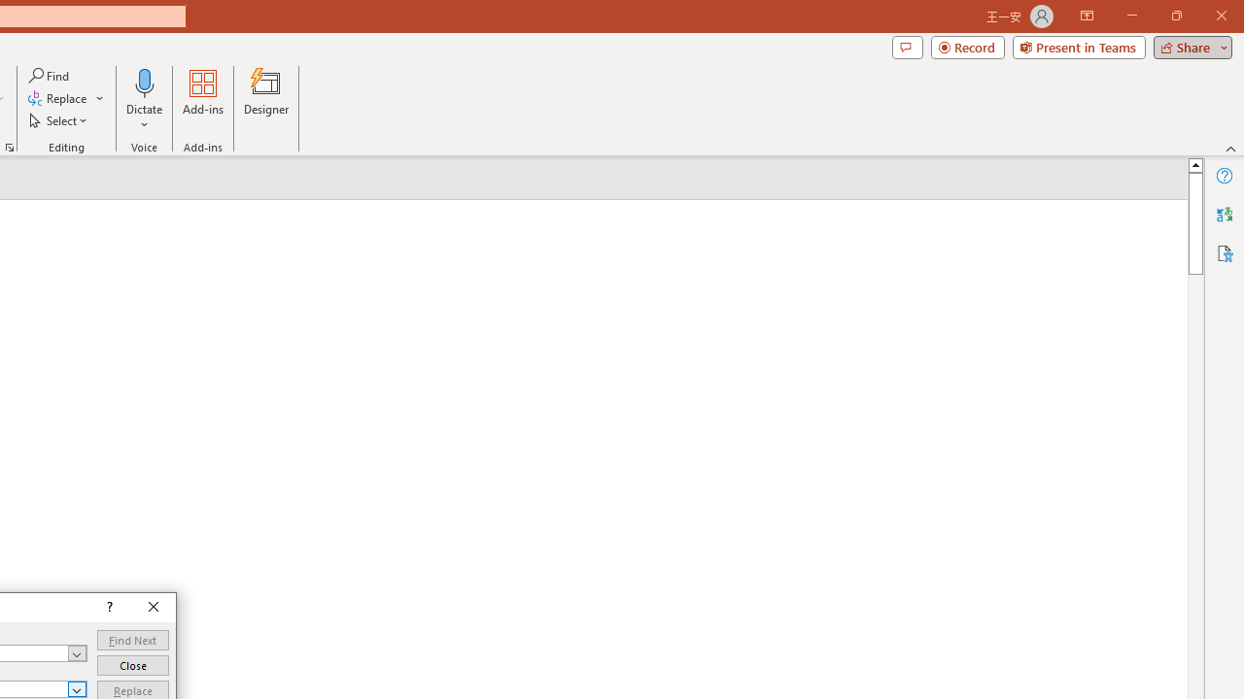 This screenshot has height=699, width=1244. Describe the element at coordinates (78, 687) in the screenshot. I see `'Open'` at that location.